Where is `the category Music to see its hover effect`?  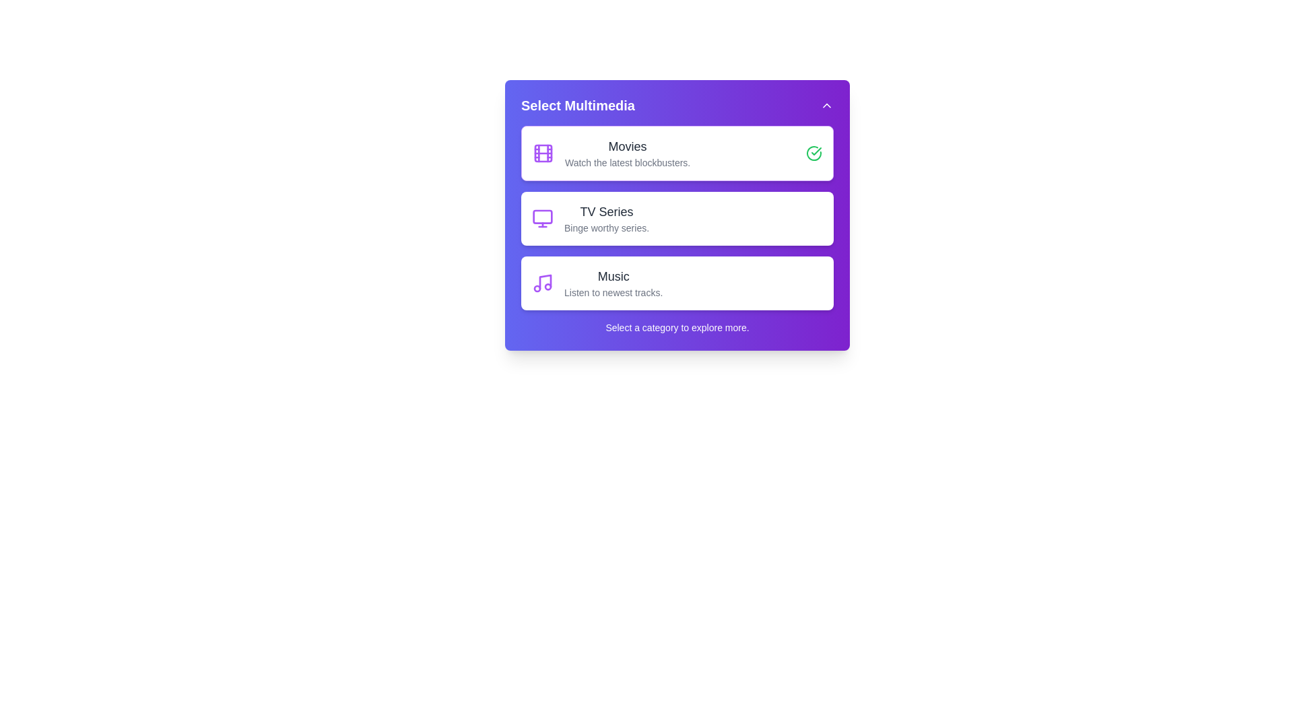
the category Music to see its hover effect is located at coordinates (677, 282).